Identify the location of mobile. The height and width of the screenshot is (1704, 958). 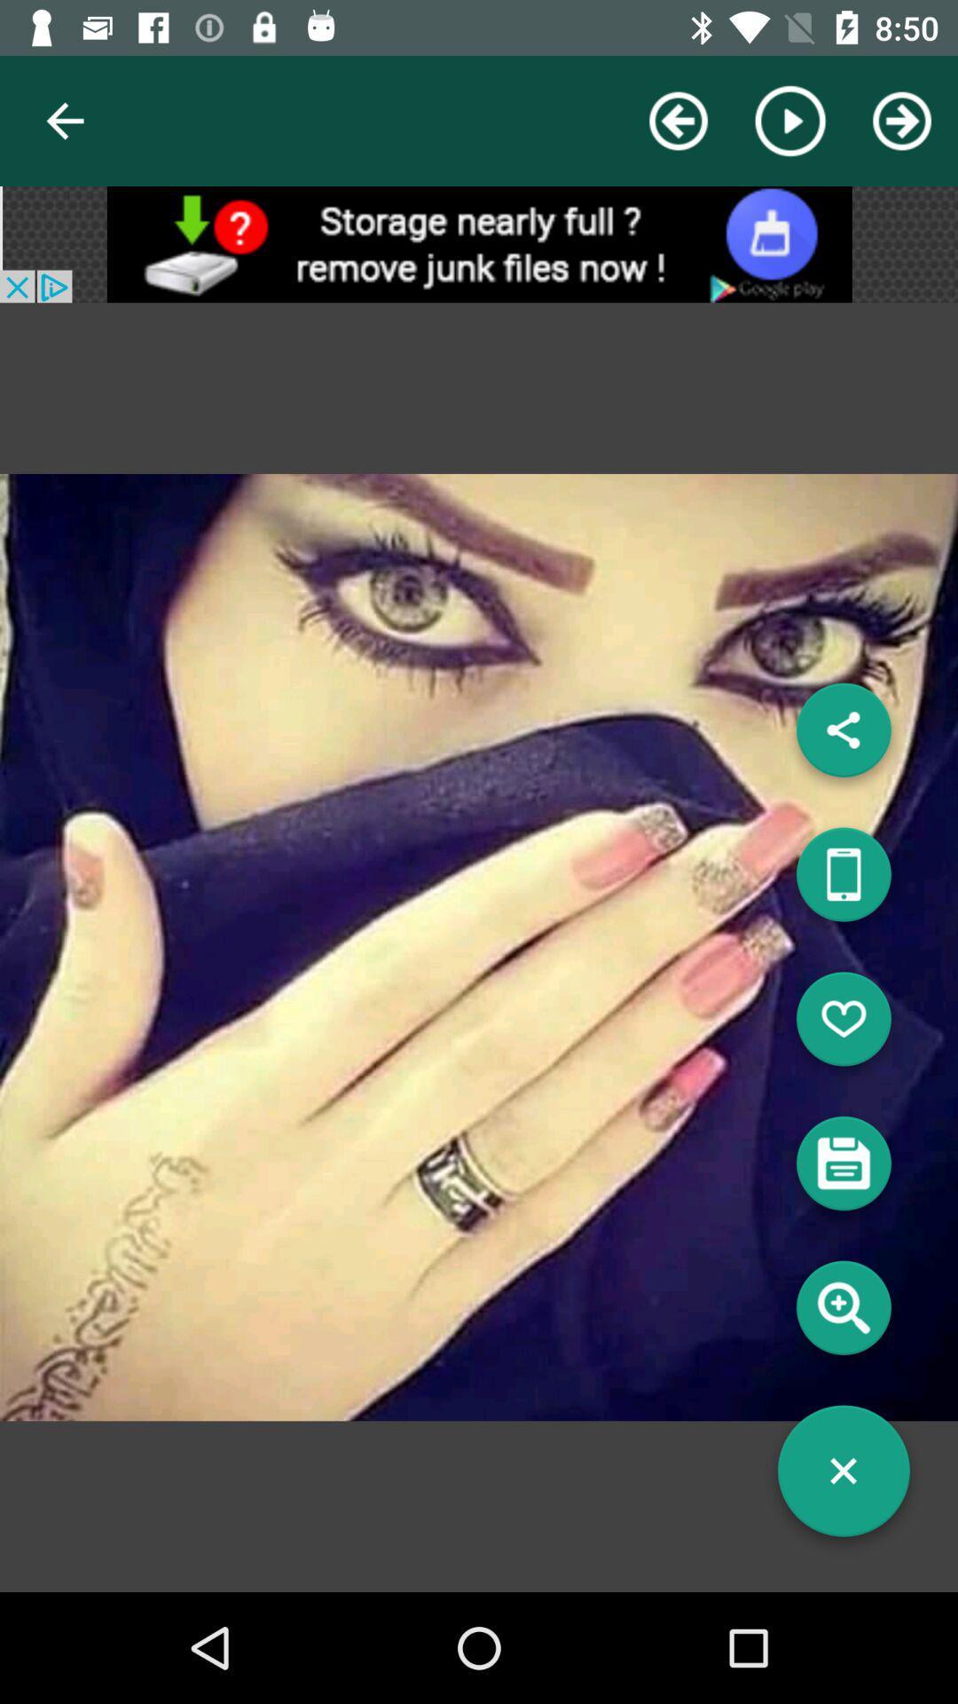
(843, 881).